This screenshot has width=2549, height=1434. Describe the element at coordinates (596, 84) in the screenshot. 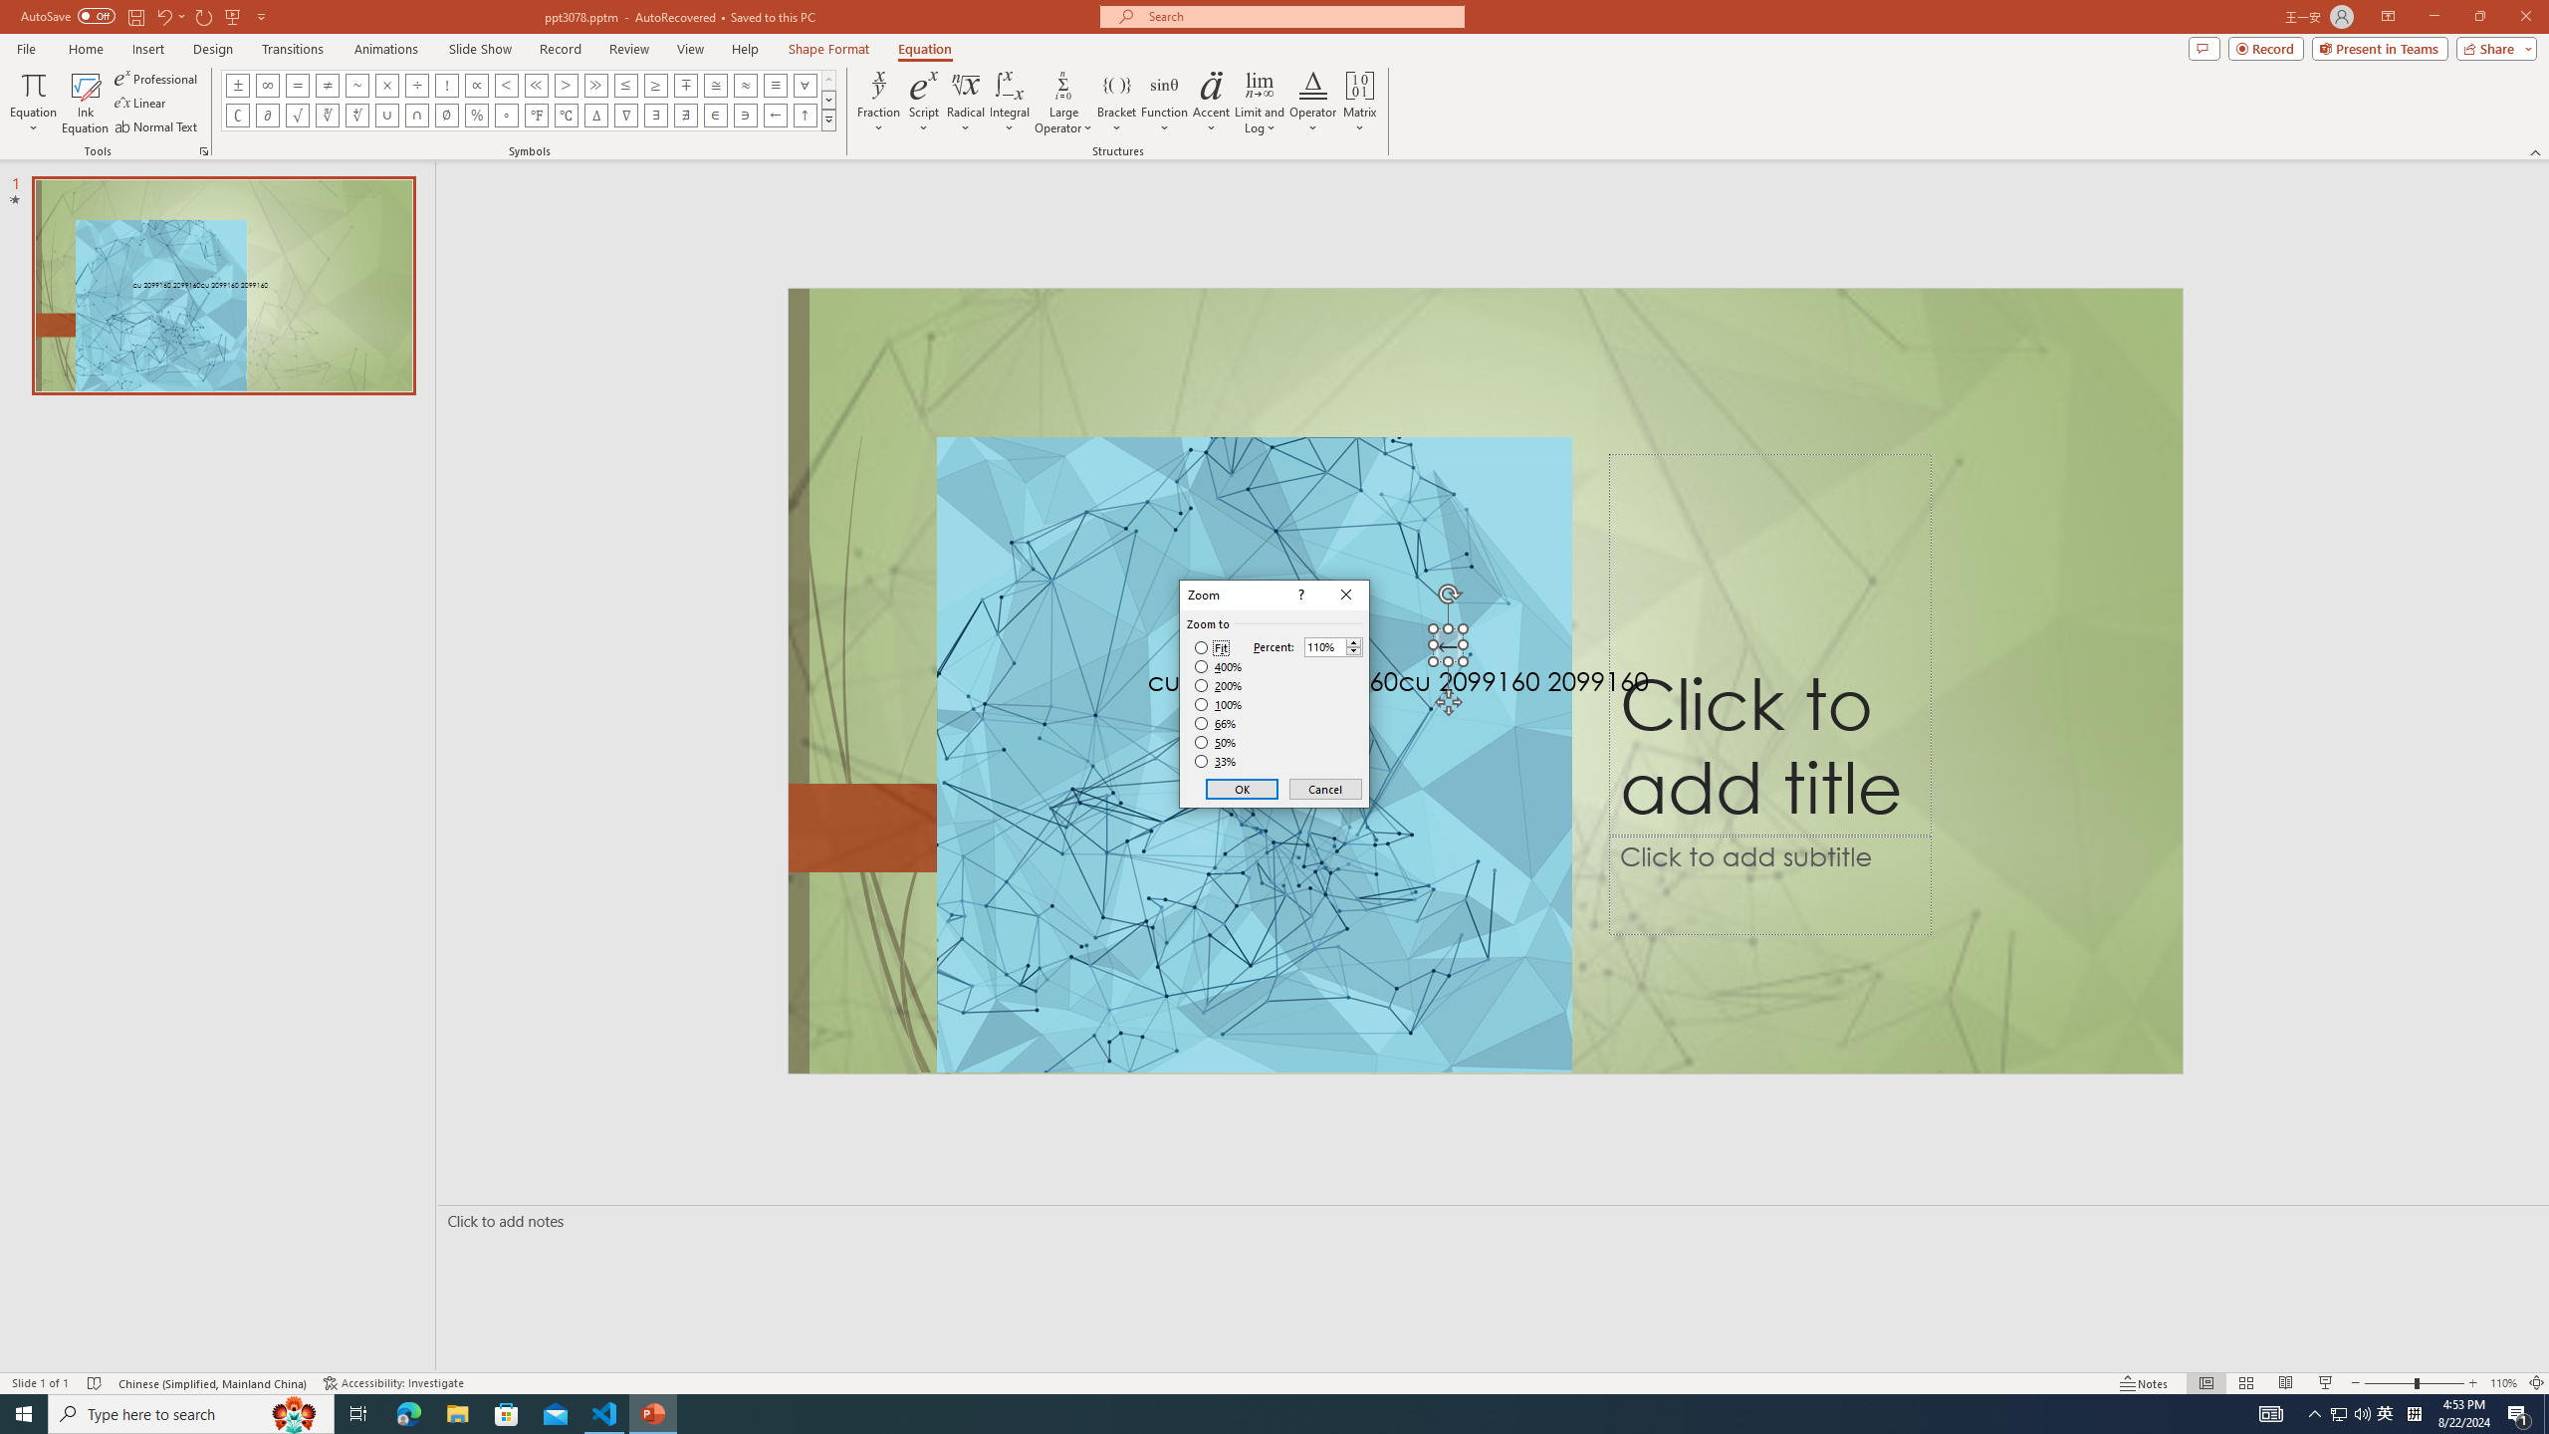

I see `'Equation Symbol Much Greater Than'` at that location.